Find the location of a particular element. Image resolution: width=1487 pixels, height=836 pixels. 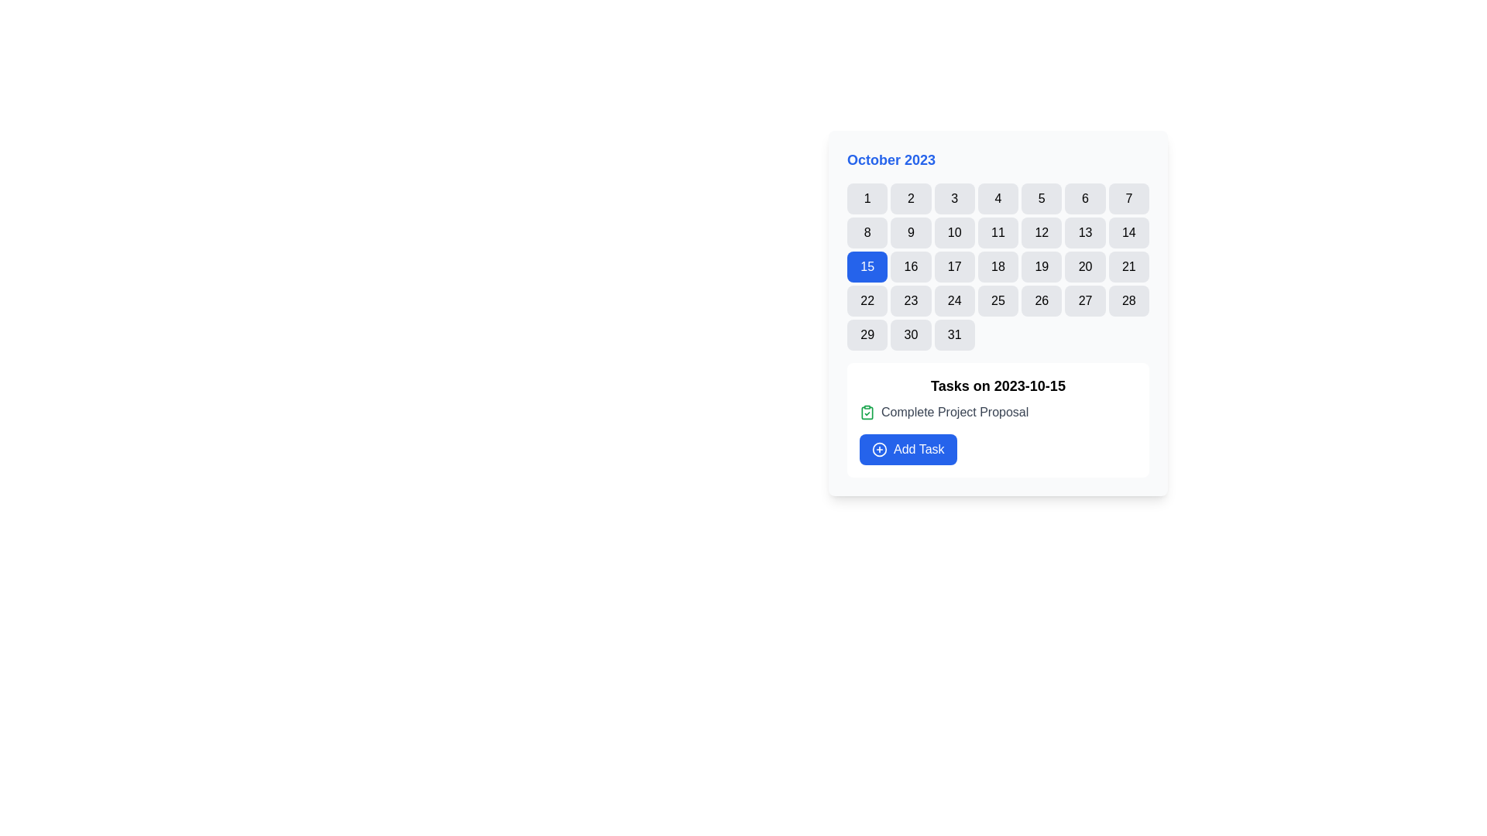

the square-shaped button with rounded borders displaying the number '22', located in the calendar grid is located at coordinates (866, 301).